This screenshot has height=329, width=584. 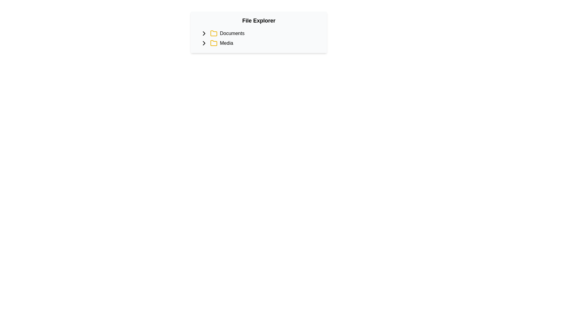 I want to click on the small right-facing chevron arrow icon located to the left of the 'Documents' folder icon in the file explorer interface, so click(x=204, y=43).